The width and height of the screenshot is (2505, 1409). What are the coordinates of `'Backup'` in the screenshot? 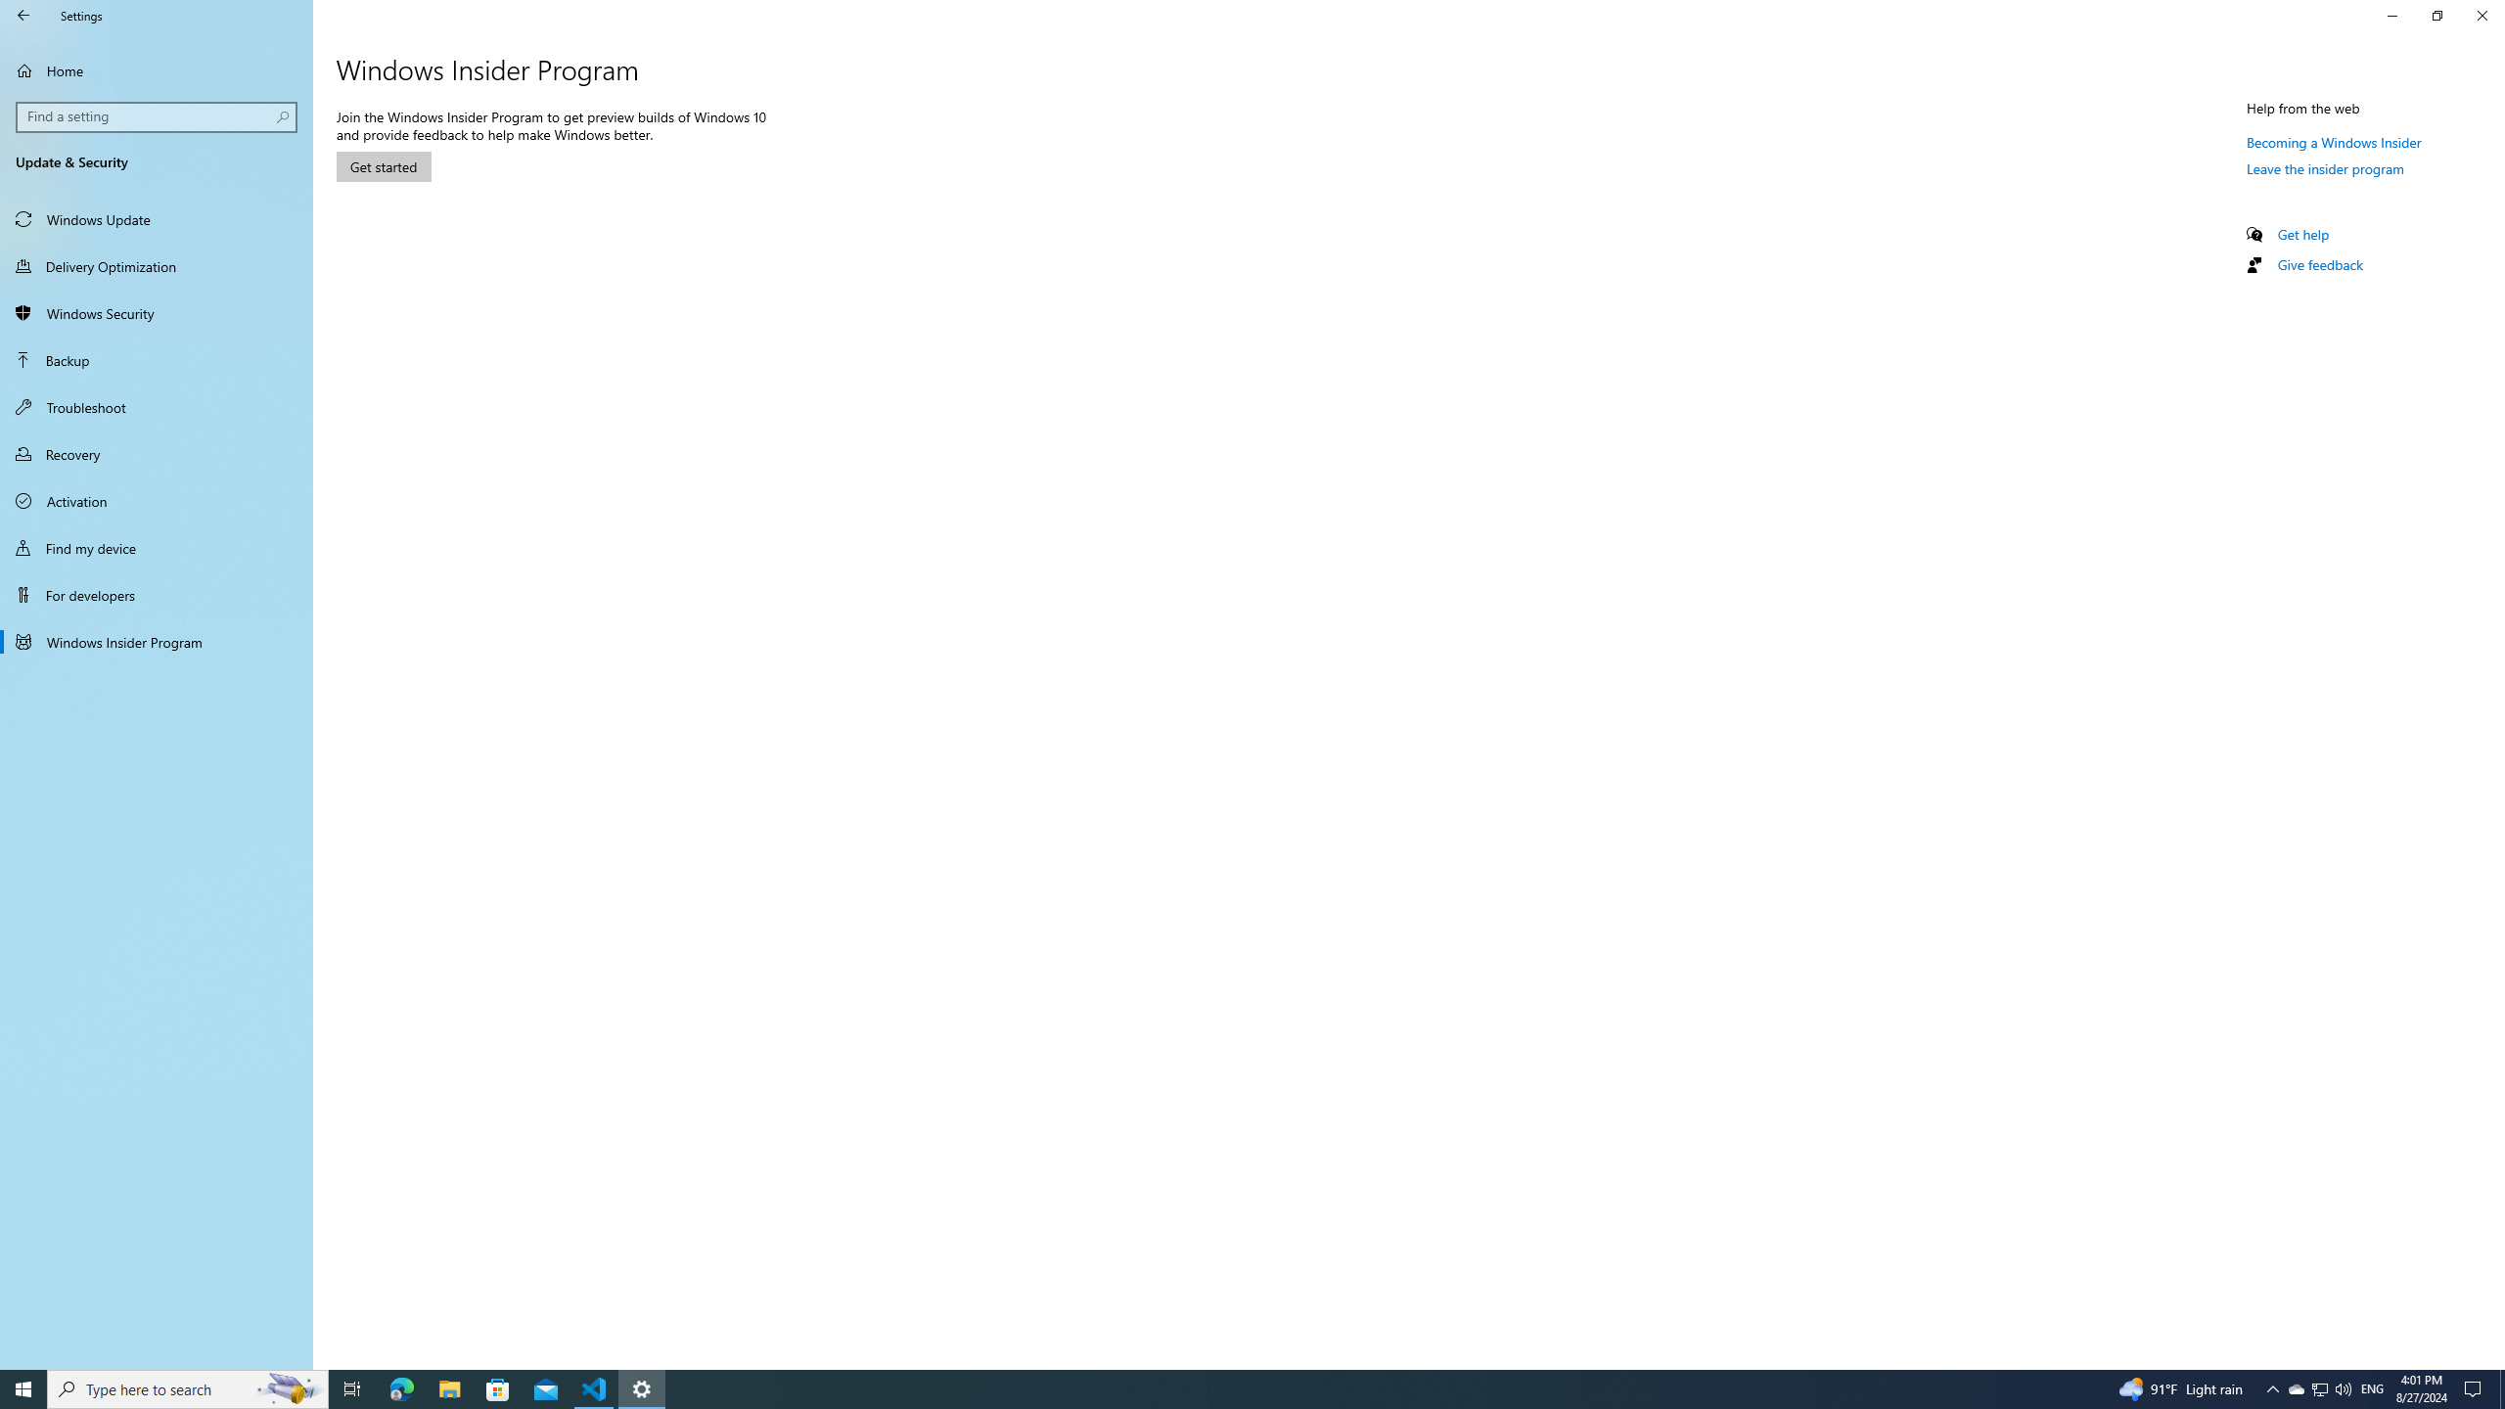 It's located at (156, 359).